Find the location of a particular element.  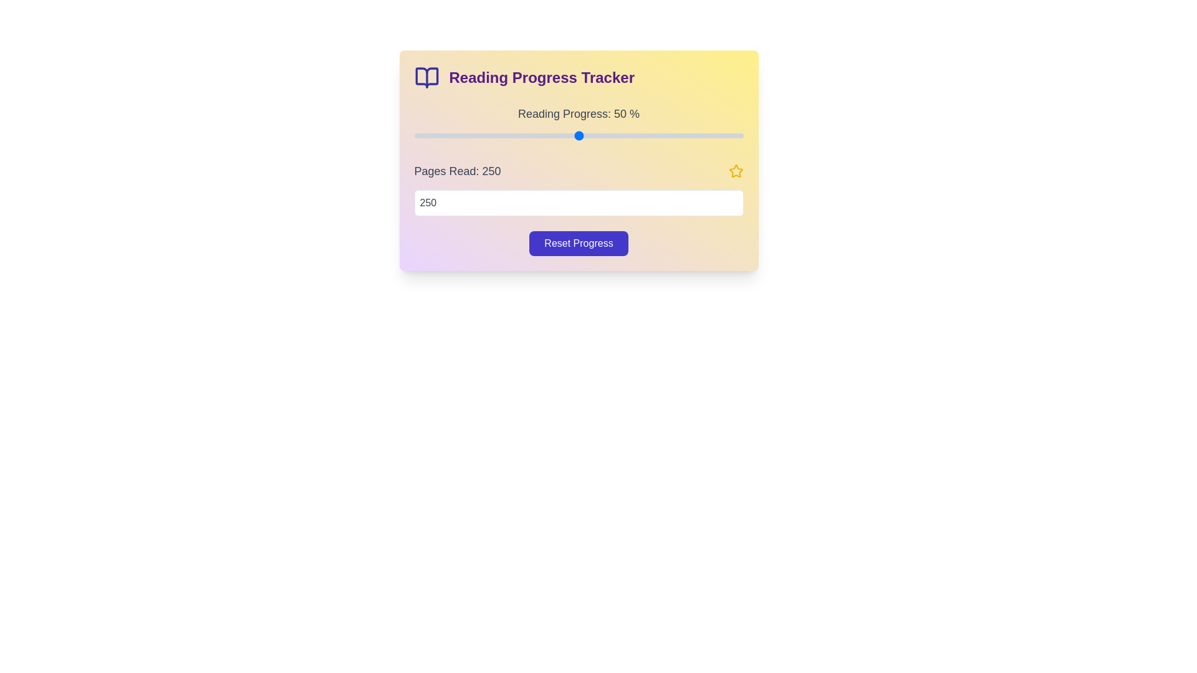

the number of pages read to 447 using the input field is located at coordinates (578, 203).